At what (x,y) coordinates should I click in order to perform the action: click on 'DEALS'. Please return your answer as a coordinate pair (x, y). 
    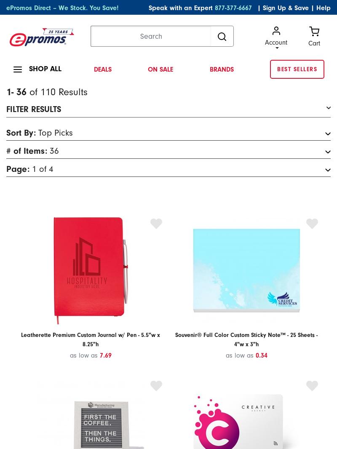
    Looking at the image, I should click on (102, 68).